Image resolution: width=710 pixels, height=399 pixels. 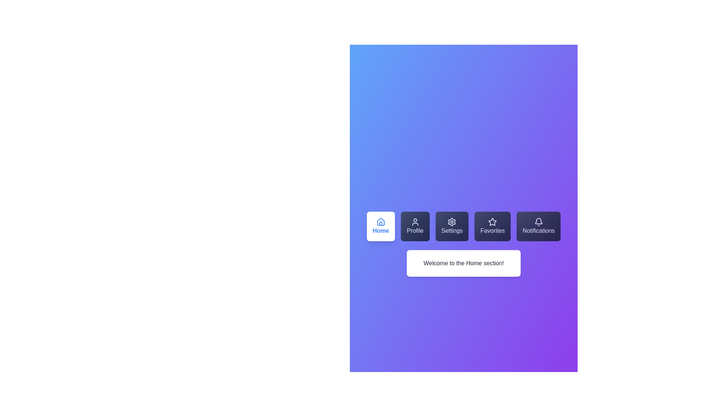 I want to click on the text content of the 'Favorites' text label displayed in white font on a dark background, located under a star icon within a dark, semi-transparent card, so click(x=493, y=230).